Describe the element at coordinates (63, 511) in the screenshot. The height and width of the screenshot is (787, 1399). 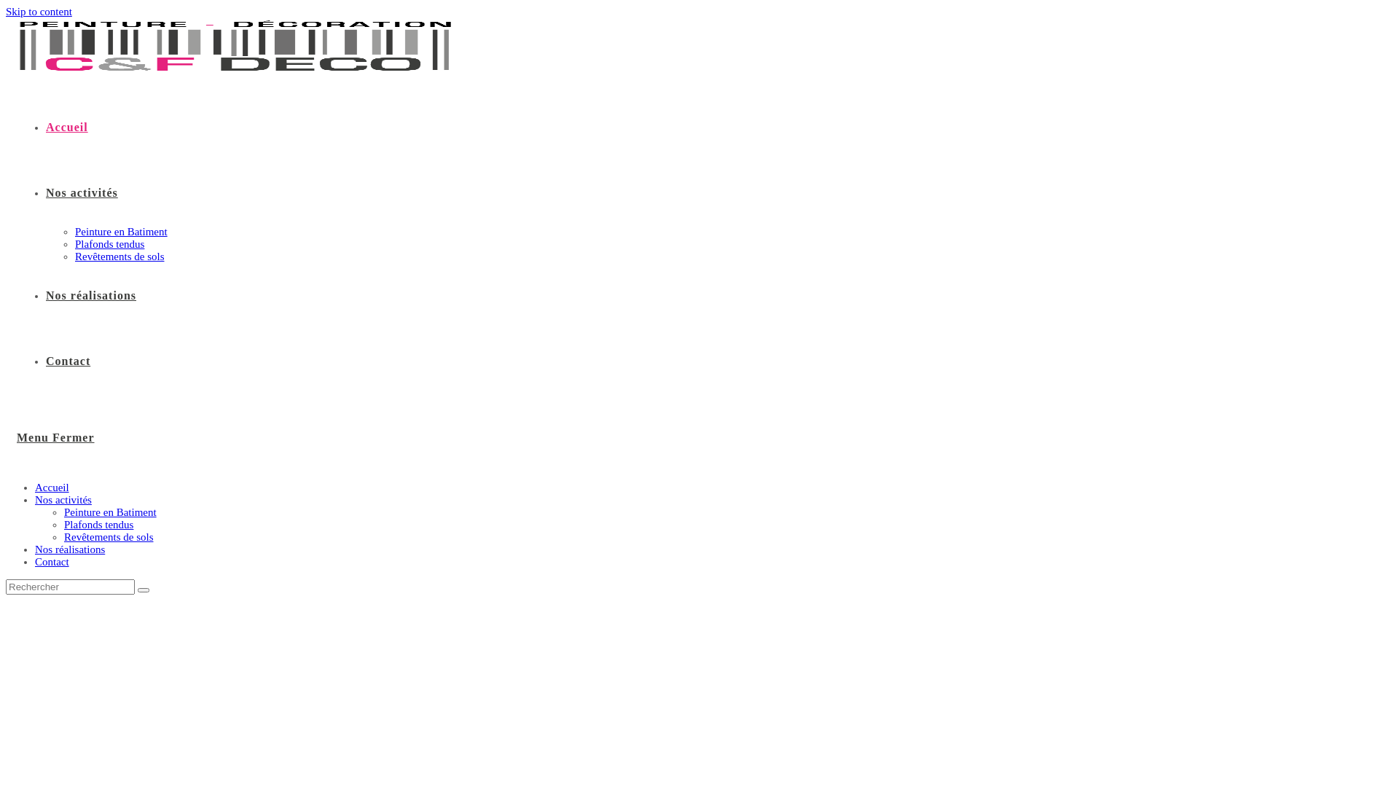
I see `'Peinture en Batiment'` at that location.